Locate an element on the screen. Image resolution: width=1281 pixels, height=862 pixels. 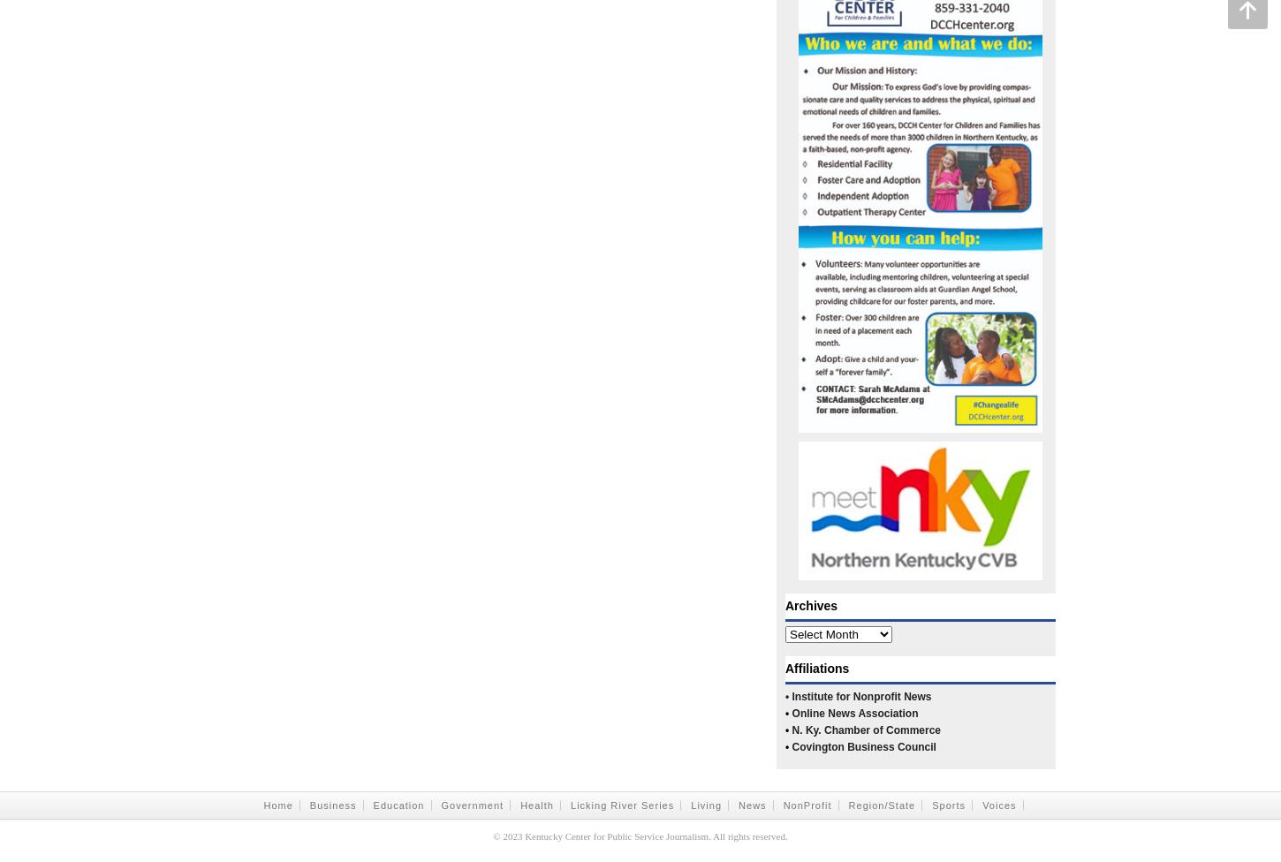
'Kentucky Center for Public Service Journalism' is located at coordinates (525, 836).